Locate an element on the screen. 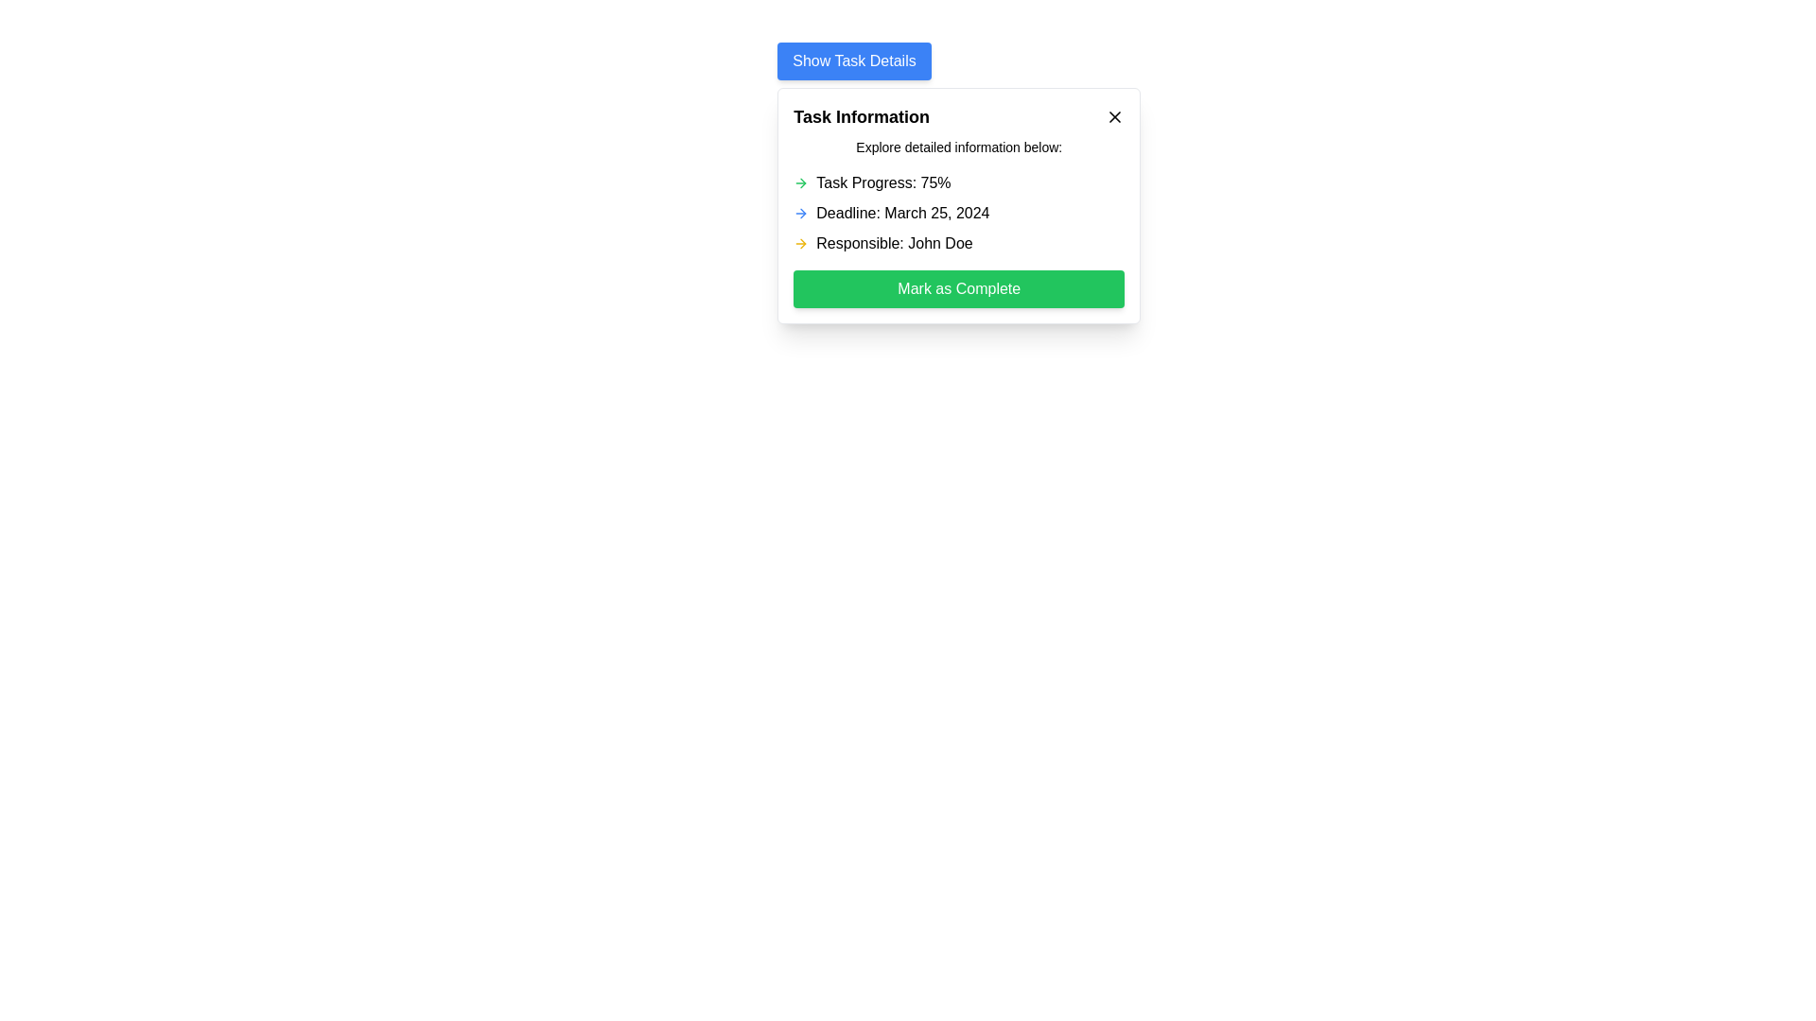  the diagonal line component of the close button located in the top-right corner of the dialog box is located at coordinates (1115, 116).